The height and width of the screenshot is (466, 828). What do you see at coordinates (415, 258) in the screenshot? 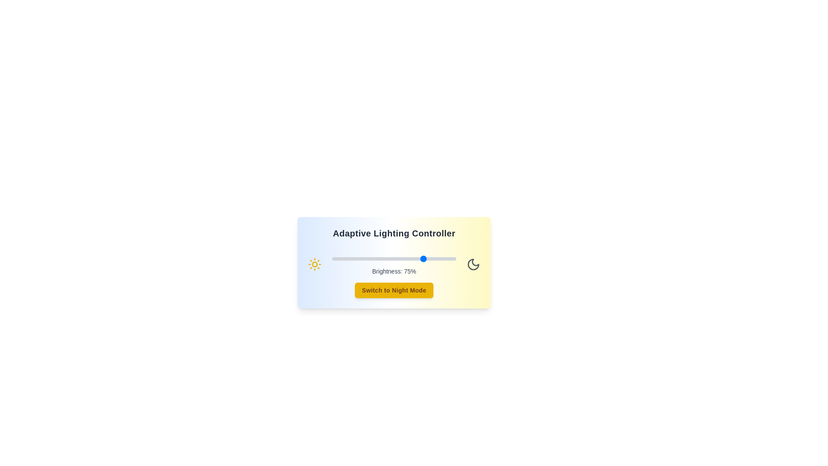
I see `the brightness level` at bounding box center [415, 258].